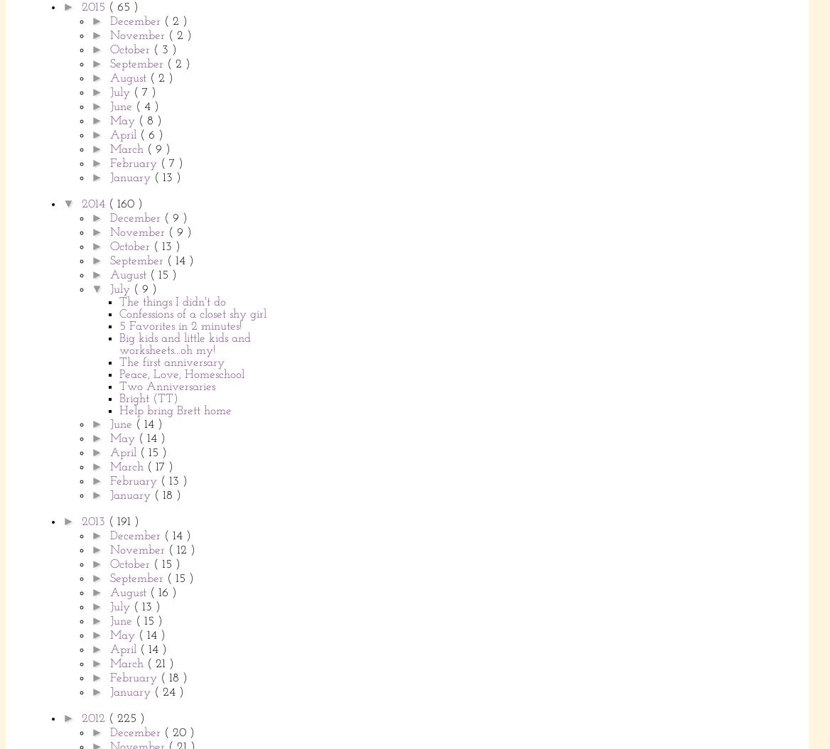 This screenshot has width=830, height=749. What do you see at coordinates (180, 549) in the screenshot?
I see `'(
                12
                )'` at bounding box center [180, 549].